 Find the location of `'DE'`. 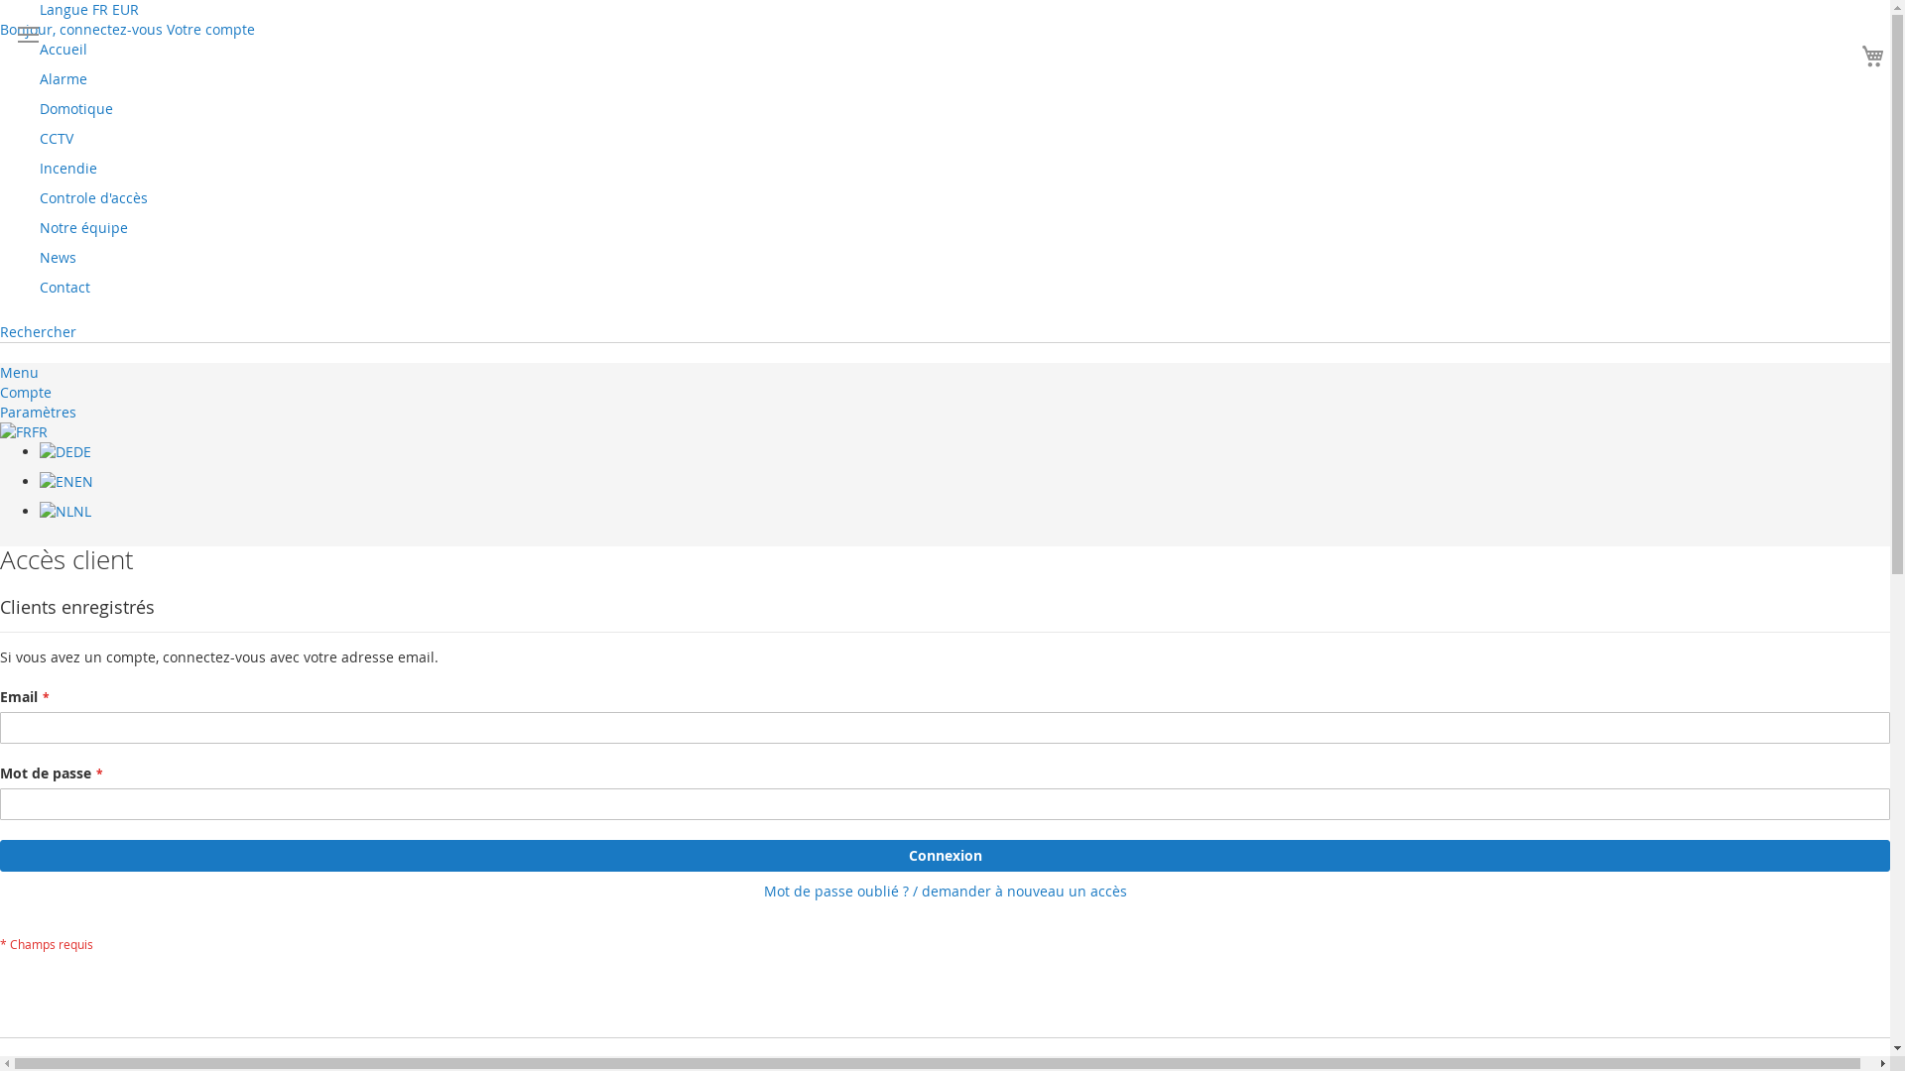

'DE' is located at coordinates (65, 451).